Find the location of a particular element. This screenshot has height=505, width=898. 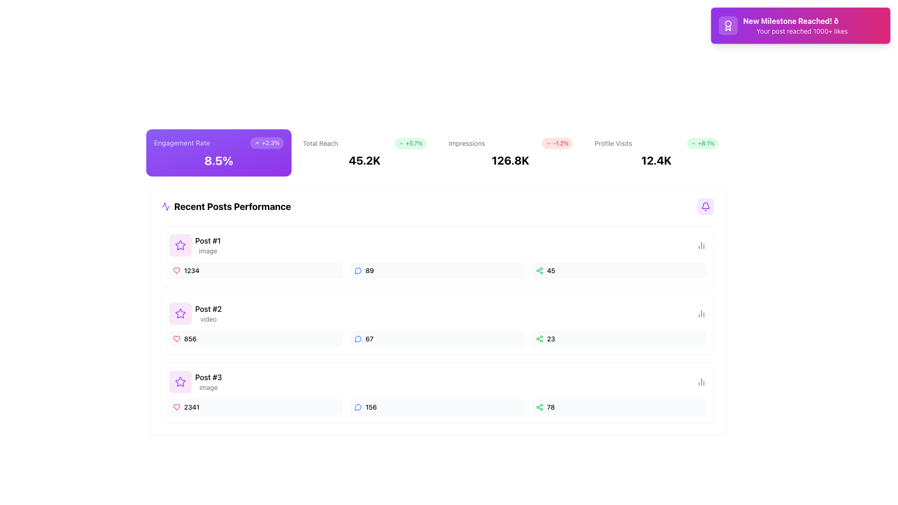

the star icon in the 'Recent Posts Performance' section, which is located to the left of 'Post #2' and above the heart icon with the number '856' is located at coordinates (180, 245).